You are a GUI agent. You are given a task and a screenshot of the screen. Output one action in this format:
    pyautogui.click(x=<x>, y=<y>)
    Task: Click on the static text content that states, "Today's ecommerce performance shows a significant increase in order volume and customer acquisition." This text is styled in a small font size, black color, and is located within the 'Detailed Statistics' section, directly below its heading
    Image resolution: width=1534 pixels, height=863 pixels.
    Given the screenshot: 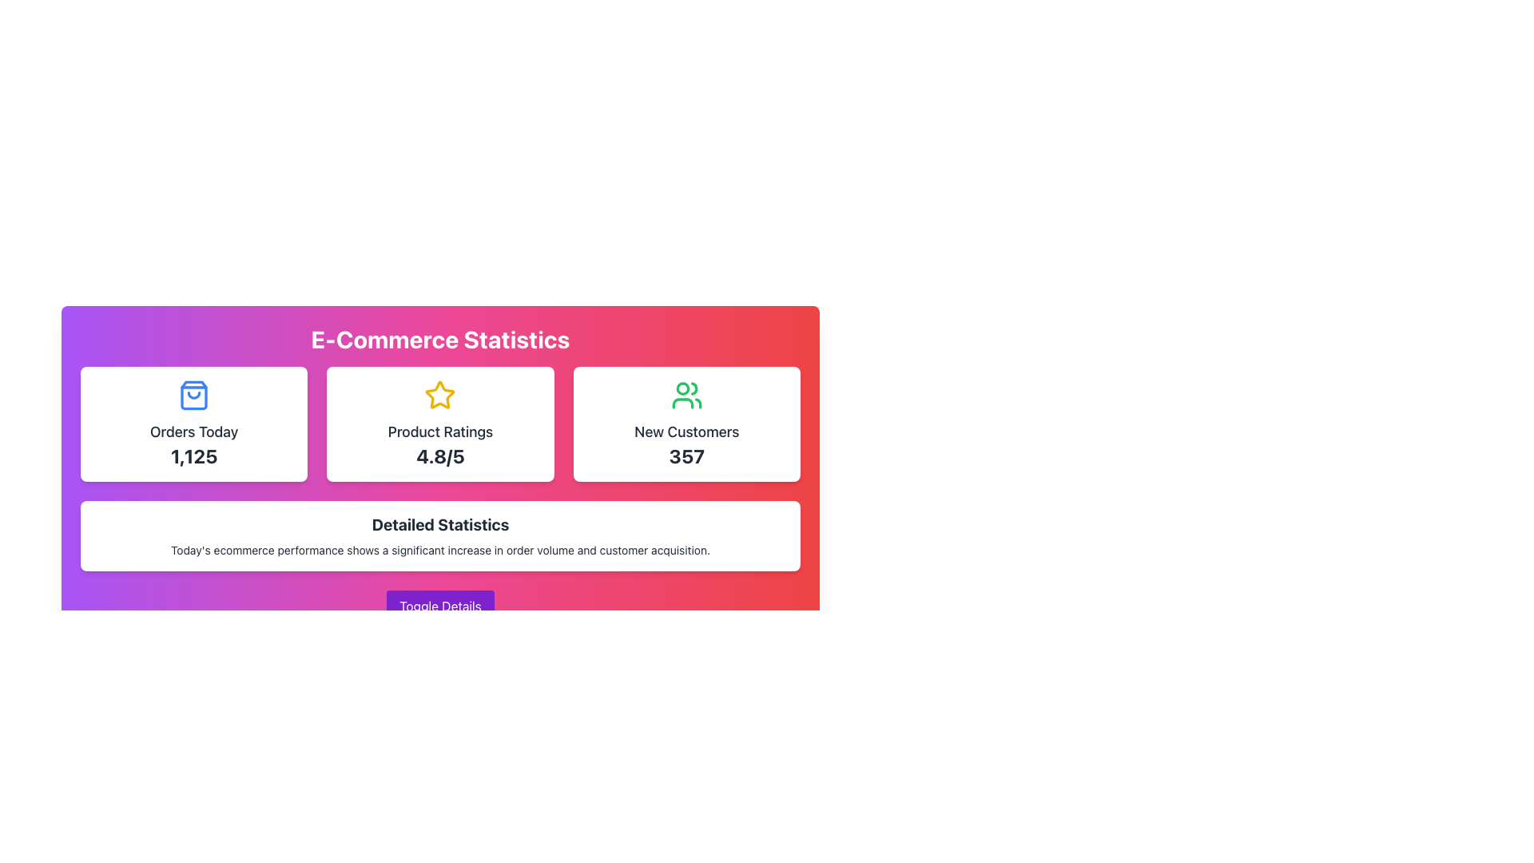 What is the action you would take?
    pyautogui.click(x=440, y=550)
    